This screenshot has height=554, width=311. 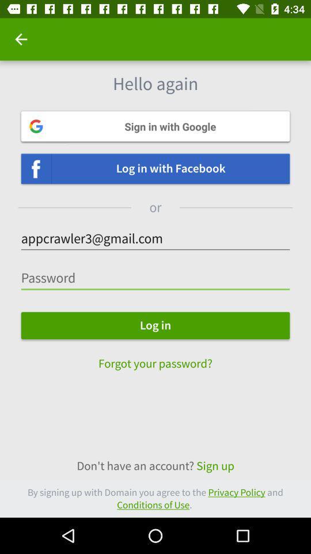 What do you see at coordinates (155, 357) in the screenshot?
I see `the text forgot your password` at bounding box center [155, 357].